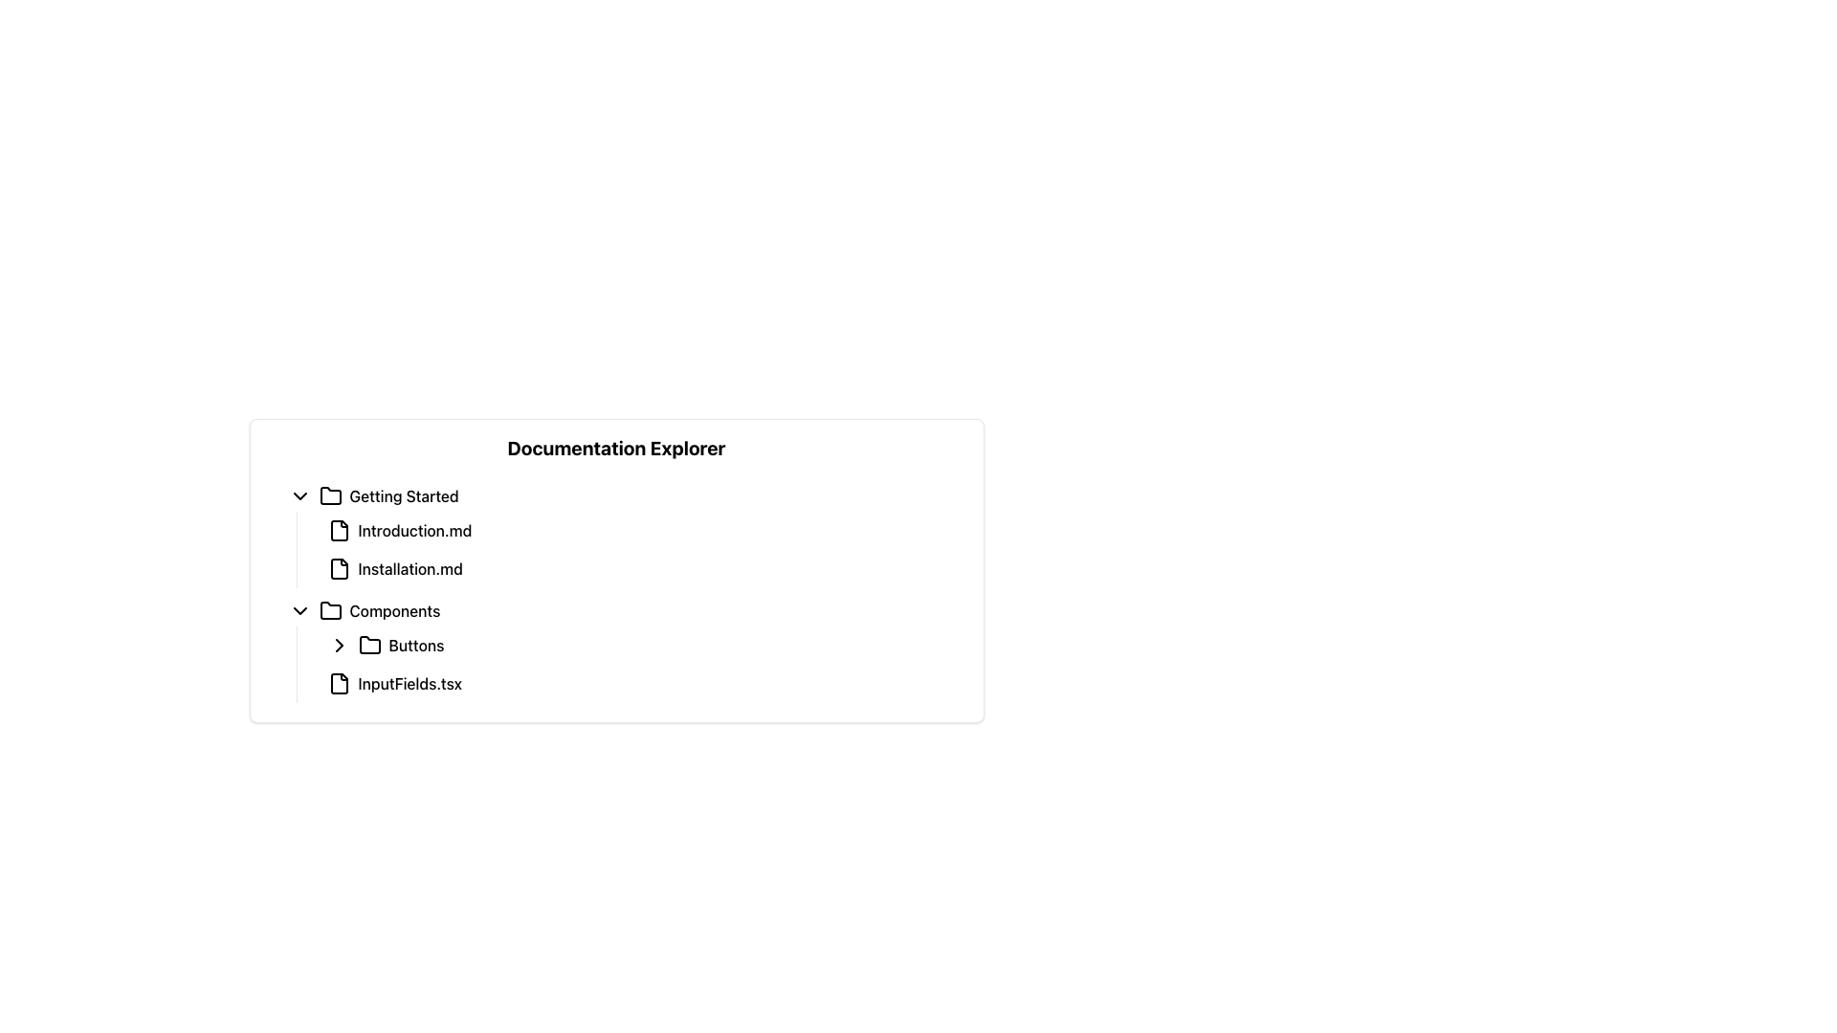  What do you see at coordinates (339, 531) in the screenshot?
I see `the document icon with a white background and thin black outline located under the 'Getting Started' section, preceding the 'Introduction.md' label` at bounding box center [339, 531].